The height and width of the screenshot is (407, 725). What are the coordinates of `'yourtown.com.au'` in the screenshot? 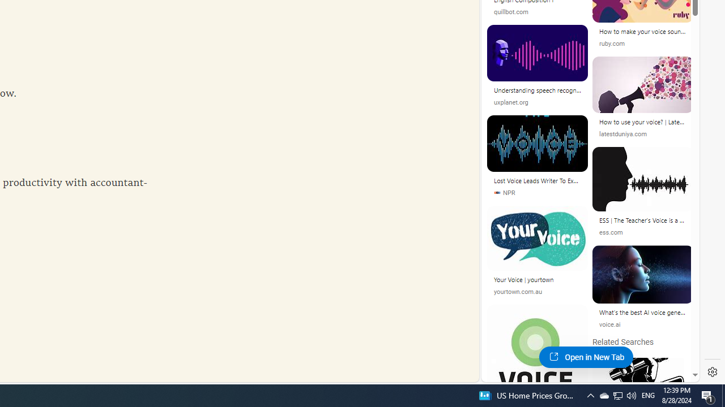 It's located at (537, 291).